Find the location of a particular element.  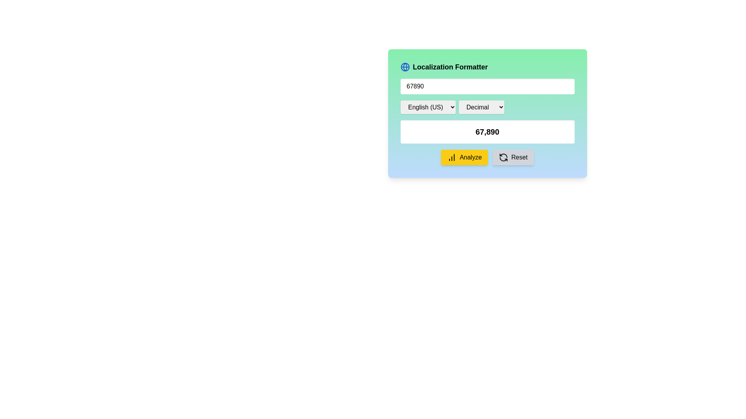

the refresh icon located within the 'Reset' button, which features a circular double arrow design and is positioned to the left of the 'Reset' text is located at coordinates (504, 157).